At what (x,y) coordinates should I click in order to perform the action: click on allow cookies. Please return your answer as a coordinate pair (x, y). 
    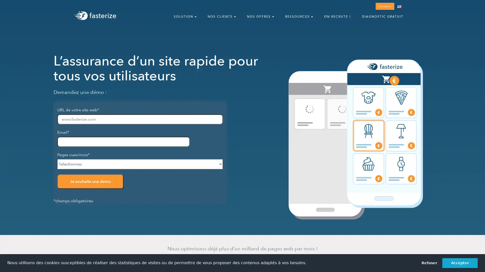
    Looking at the image, I should click on (460, 263).